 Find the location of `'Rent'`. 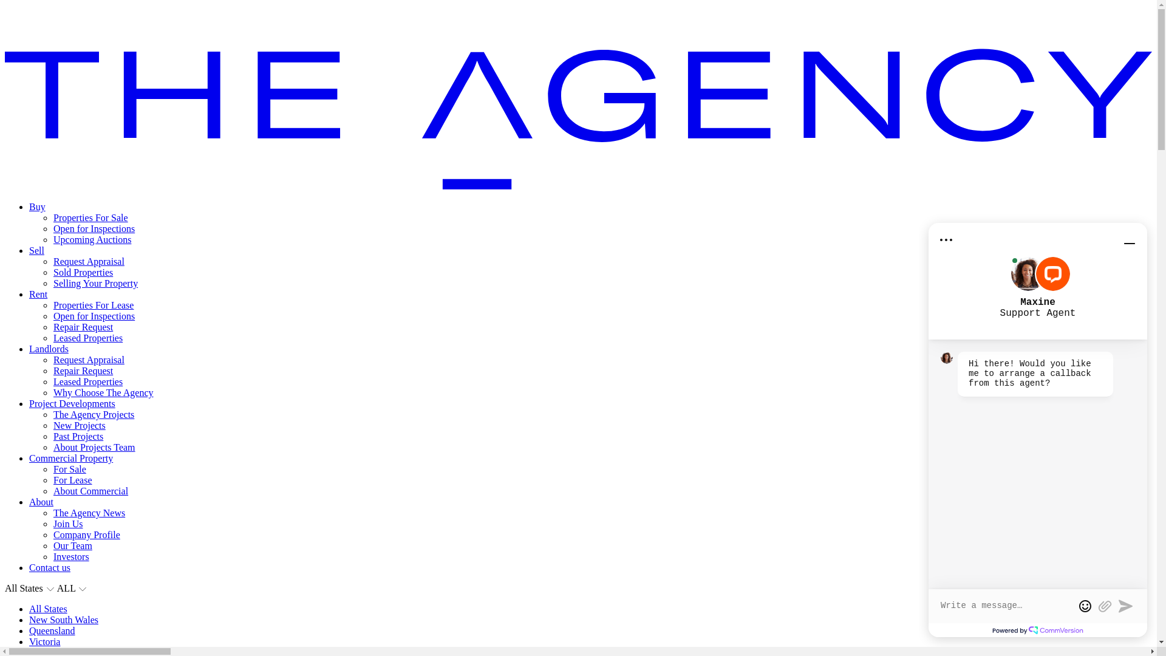

'Rent' is located at coordinates (38, 294).